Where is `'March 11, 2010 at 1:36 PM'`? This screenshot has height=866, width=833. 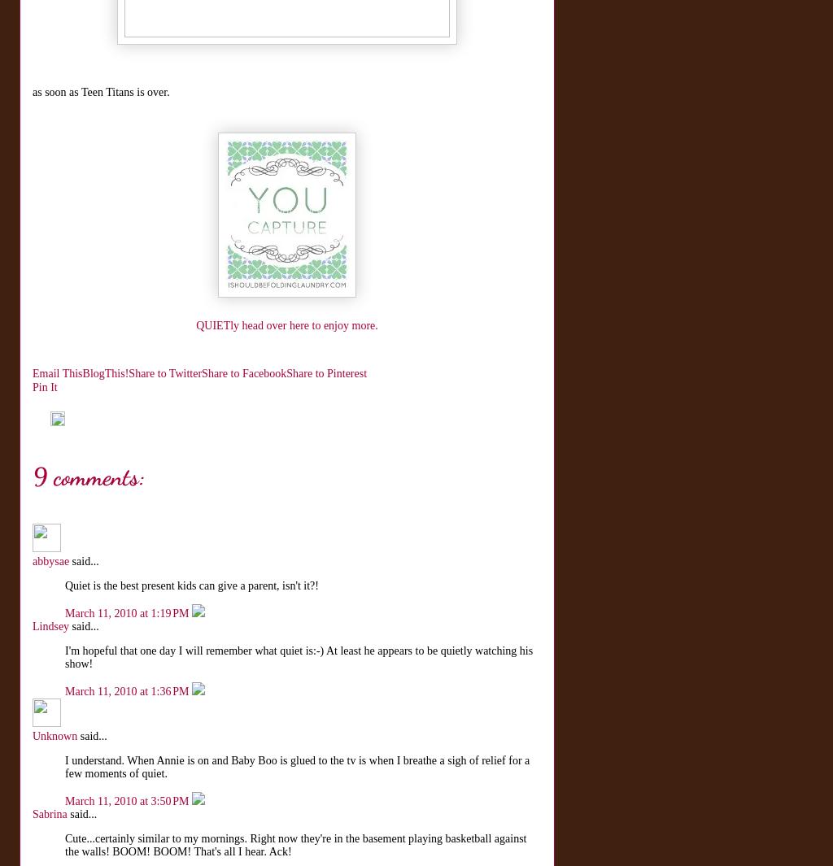
'March 11, 2010 at 1:36 PM' is located at coordinates (128, 691).